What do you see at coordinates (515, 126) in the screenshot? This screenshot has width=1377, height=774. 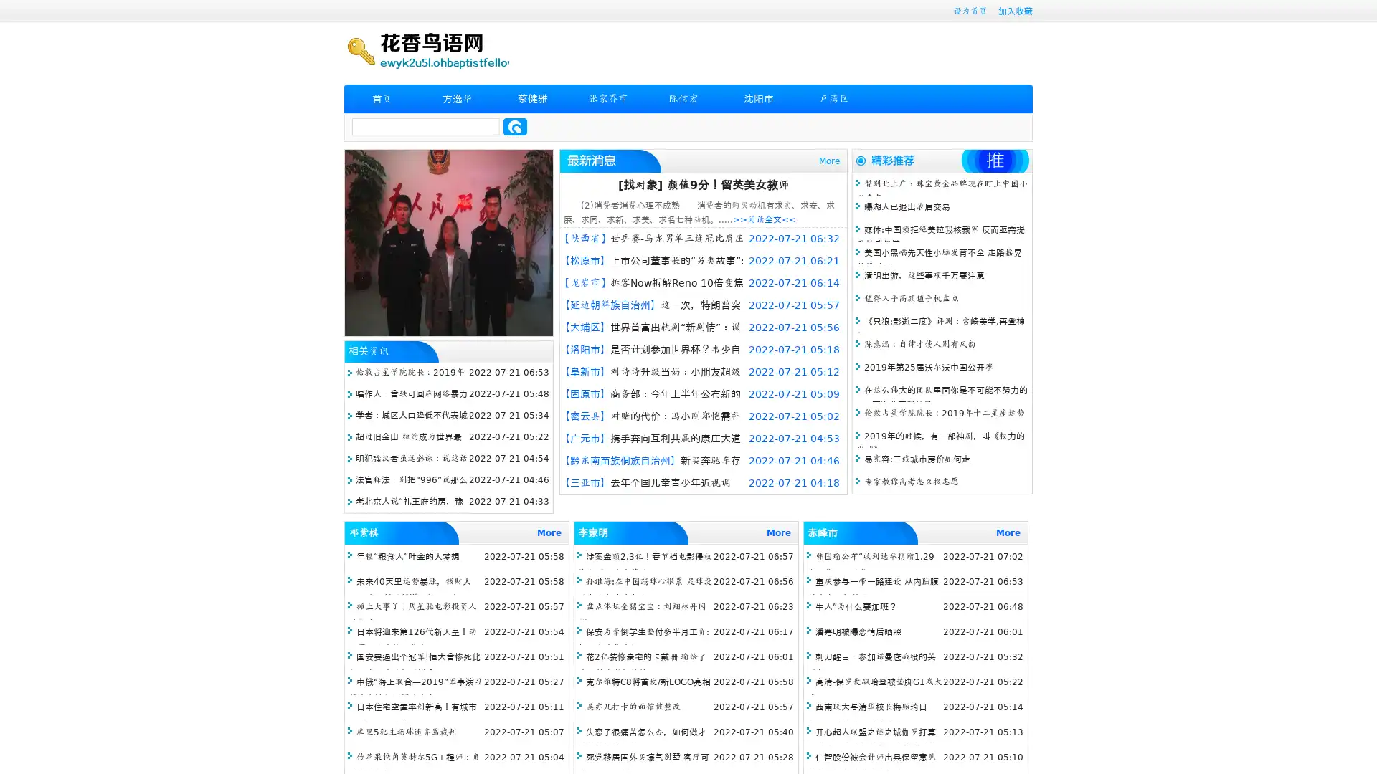 I see `Search` at bounding box center [515, 126].